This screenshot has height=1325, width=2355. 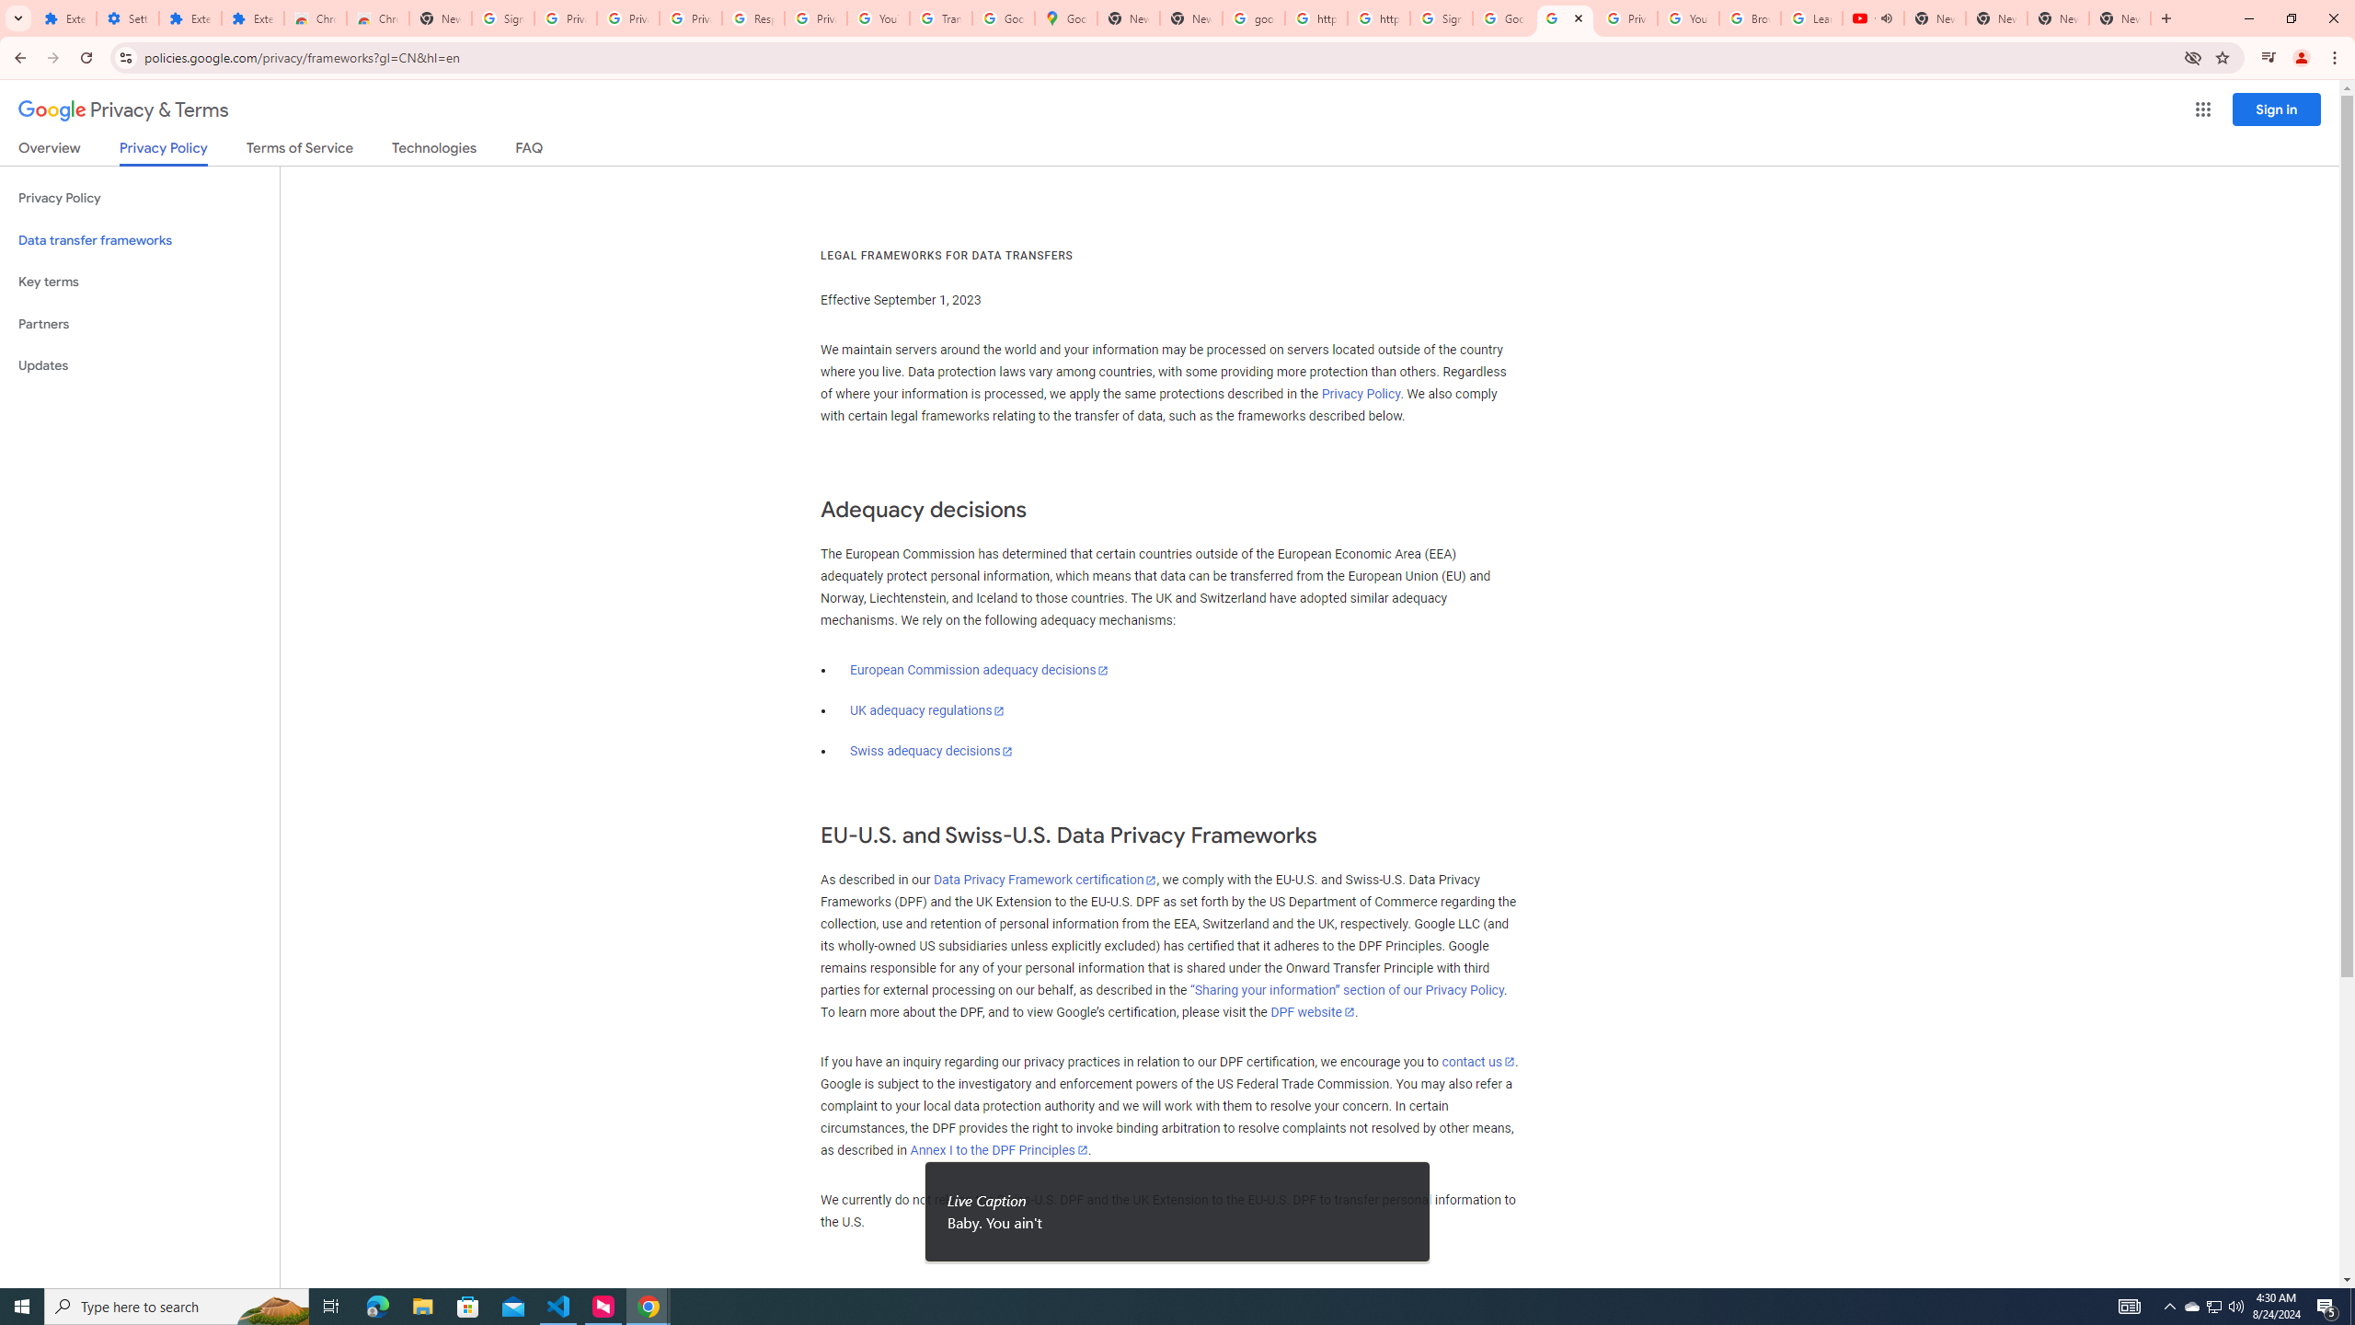 What do you see at coordinates (978, 669) in the screenshot?
I see `'European Commission adequacy decisions'` at bounding box center [978, 669].